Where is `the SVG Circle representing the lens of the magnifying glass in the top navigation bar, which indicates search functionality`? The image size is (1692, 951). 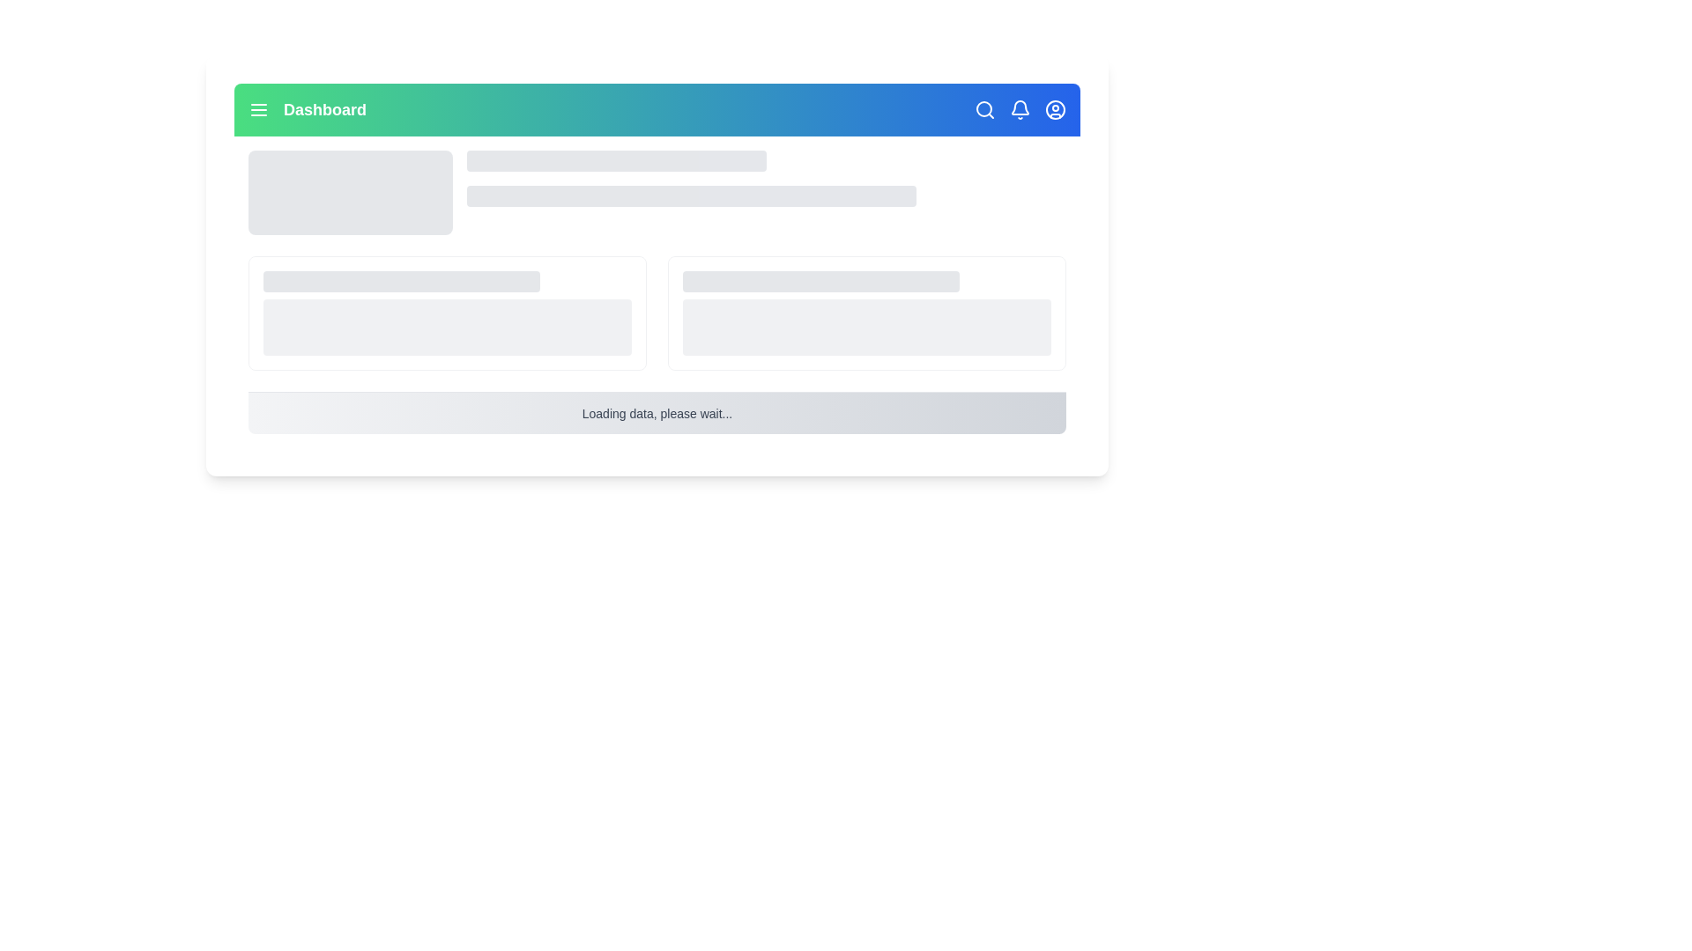 the SVG Circle representing the lens of the magnifying glass in the top navigation bar, which indicates search functionality is located at coordinates (983, 108).